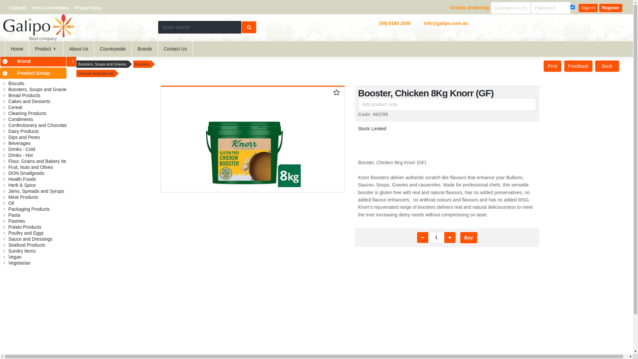 The image size is (638, 359). I want to click on 'Boosters, Soups and Gravies', so click(38, 89).